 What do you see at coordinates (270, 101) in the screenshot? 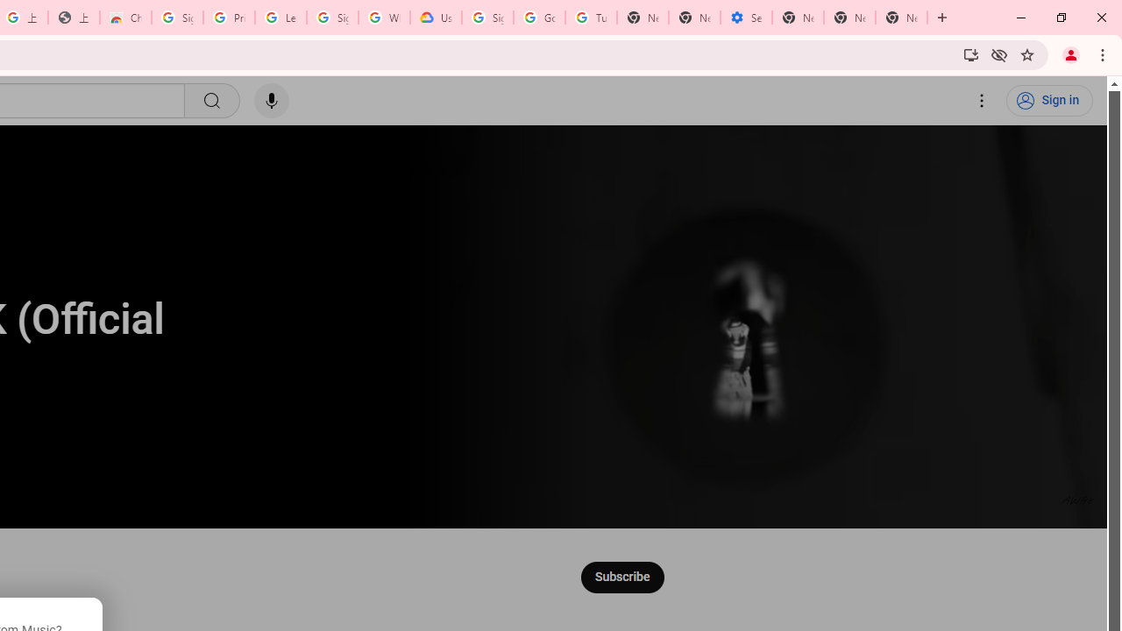
I see `'Search with your voice'` at bounding box center [270, 101].